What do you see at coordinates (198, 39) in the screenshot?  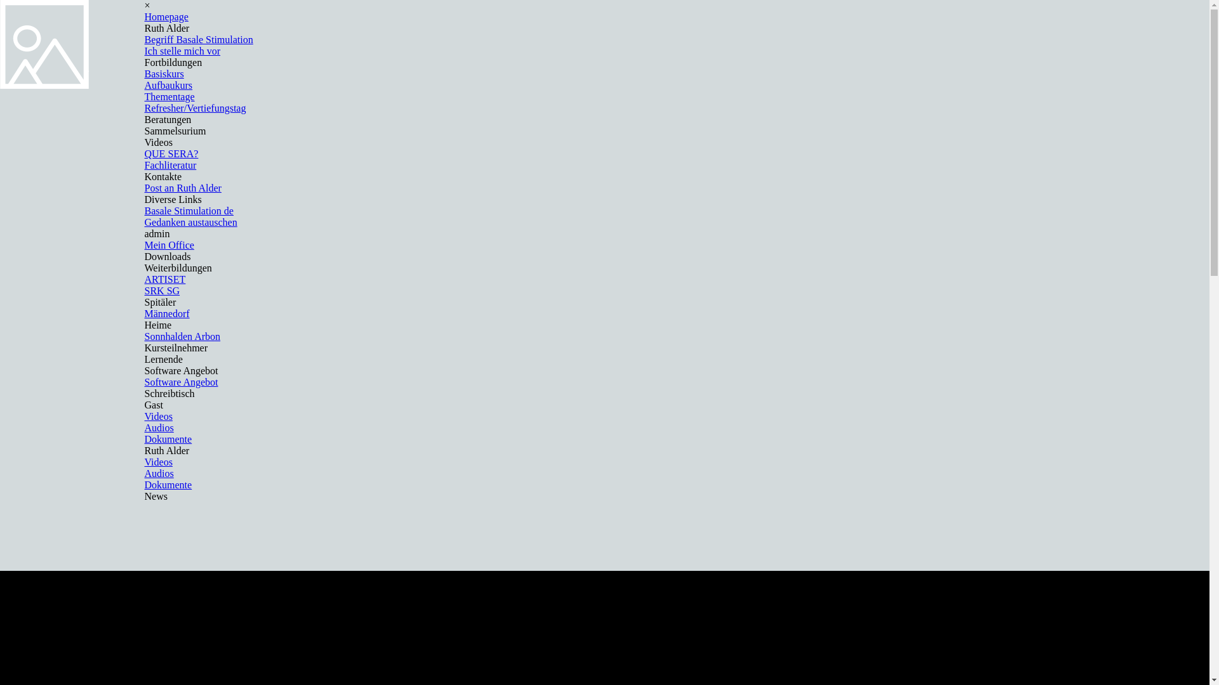 I see `'Begriff Basale Stimulation'` at bounding box center [198, 39].